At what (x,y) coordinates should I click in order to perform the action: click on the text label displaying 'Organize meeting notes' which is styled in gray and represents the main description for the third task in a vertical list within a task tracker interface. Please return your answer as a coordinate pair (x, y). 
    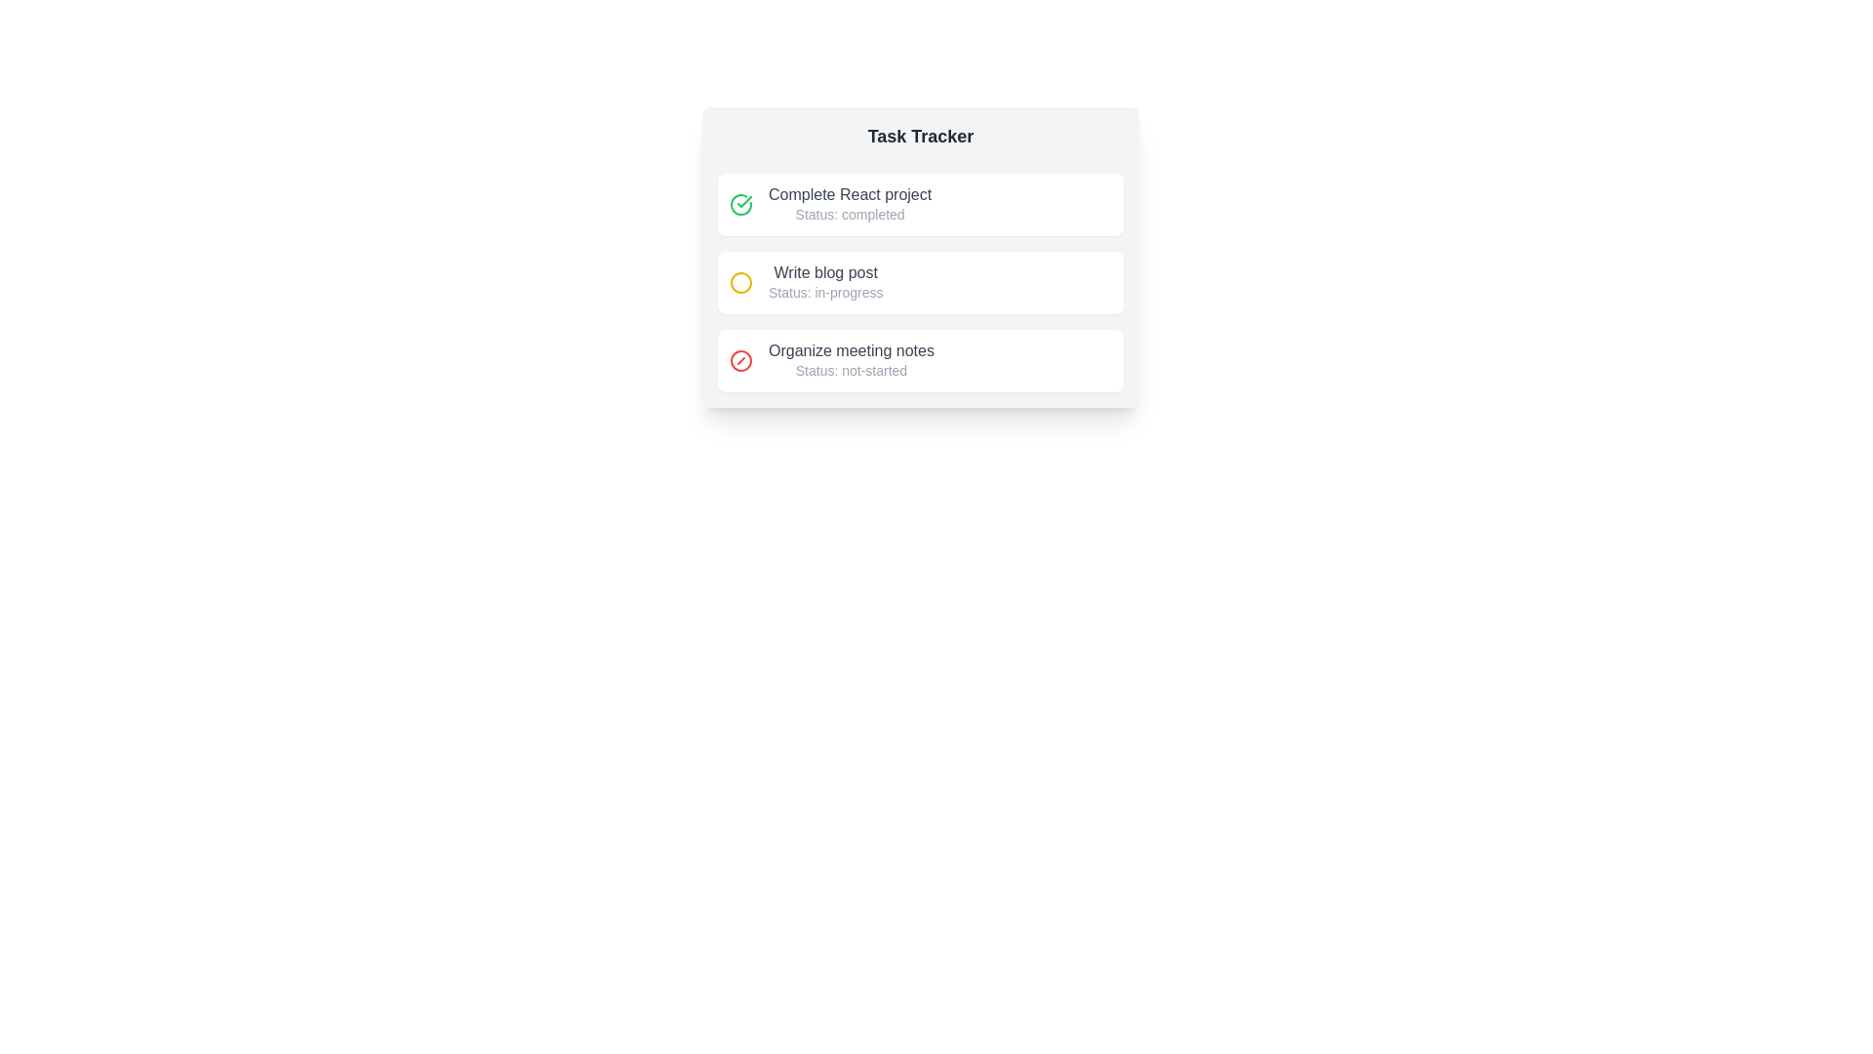
    Looking at the image, I should click on (852, 349).